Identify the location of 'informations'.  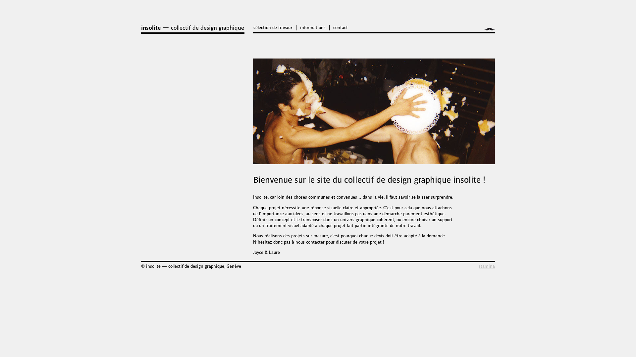
(312, 27).